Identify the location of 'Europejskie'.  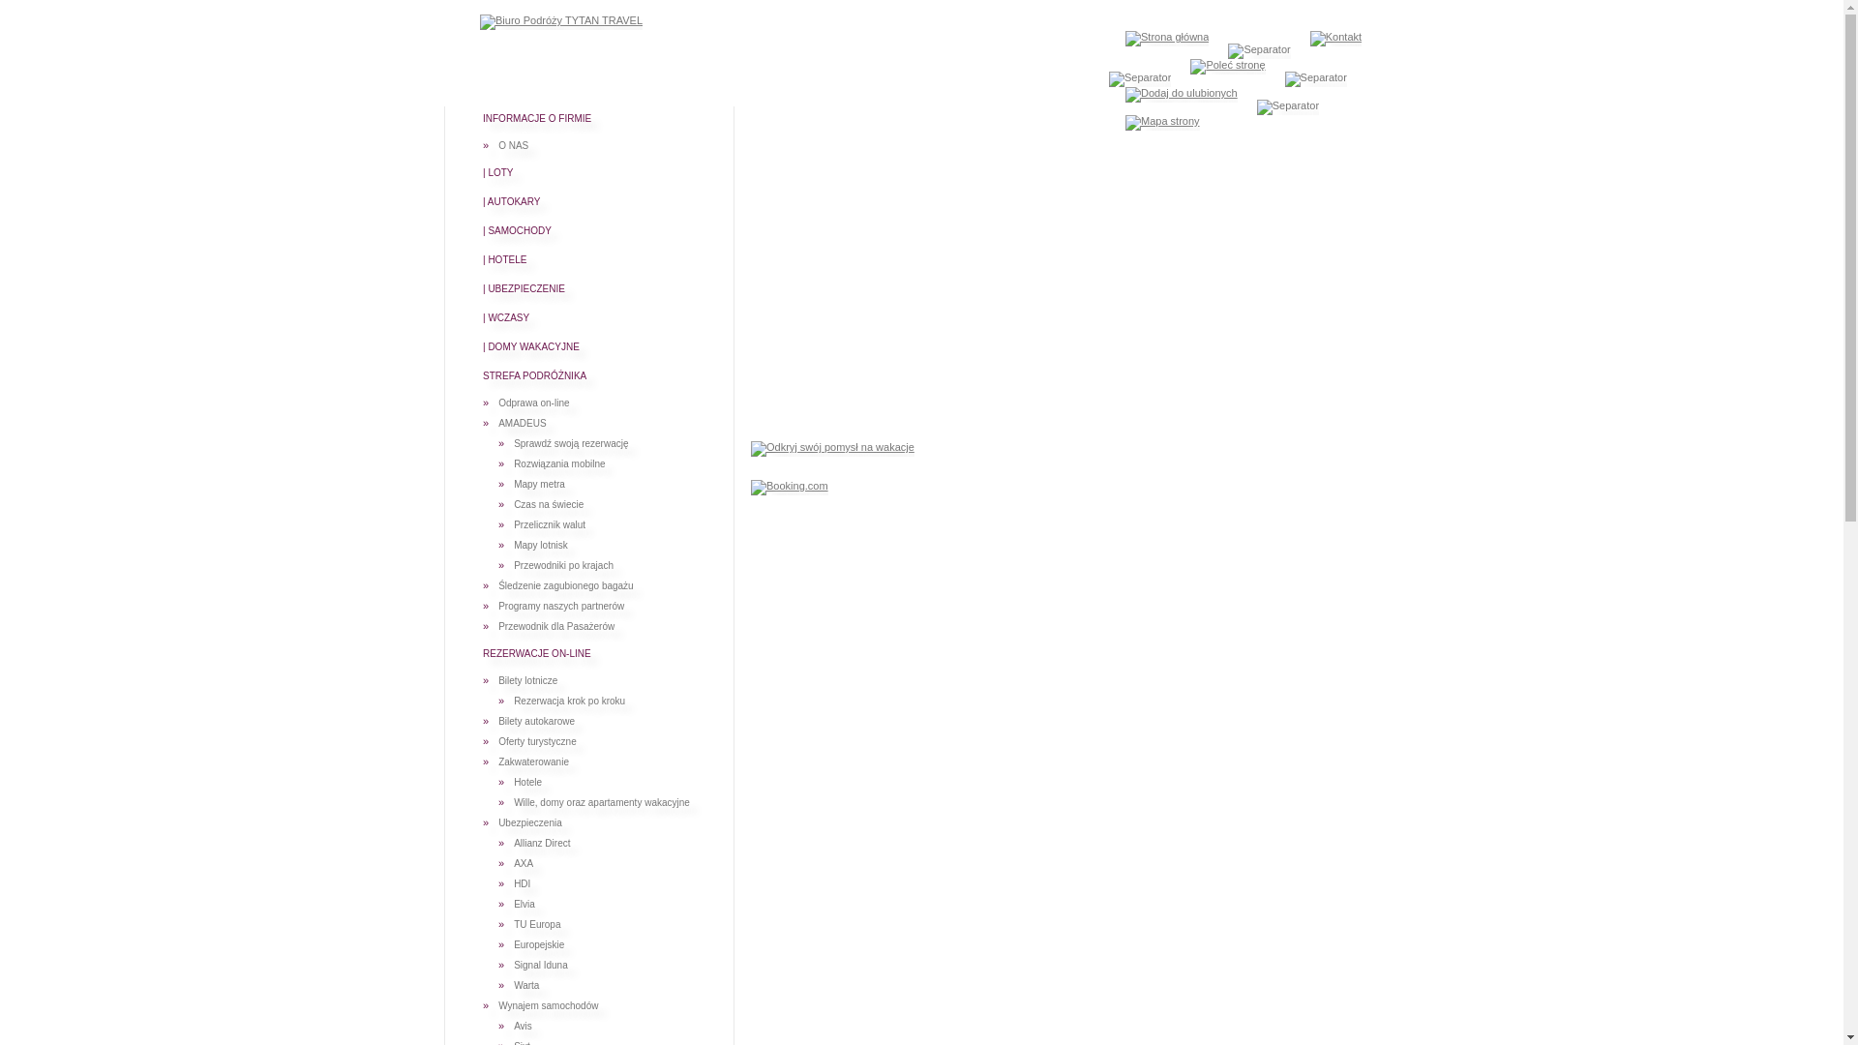
(538, 943).